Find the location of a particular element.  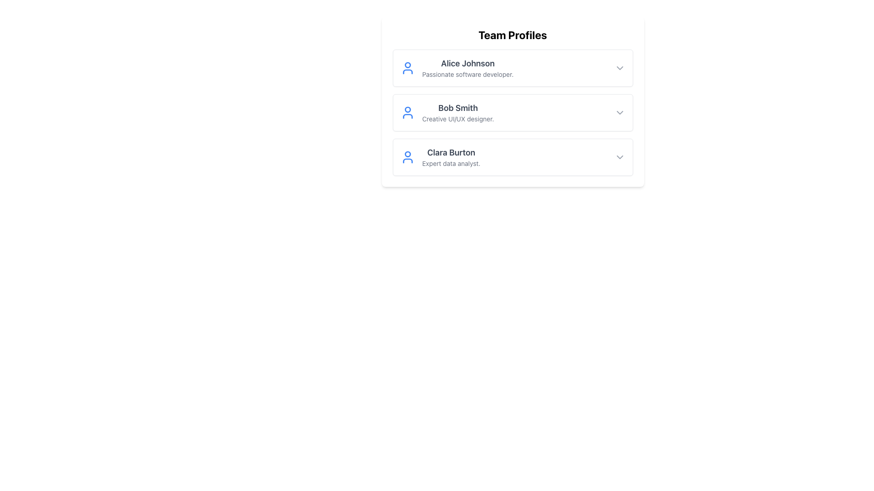

the text label providing a brief description or job title for the individual in the first entry of the 'Team Profiles' list, positioned below 'Alice Johnson' is located at coordinates (467, 74).